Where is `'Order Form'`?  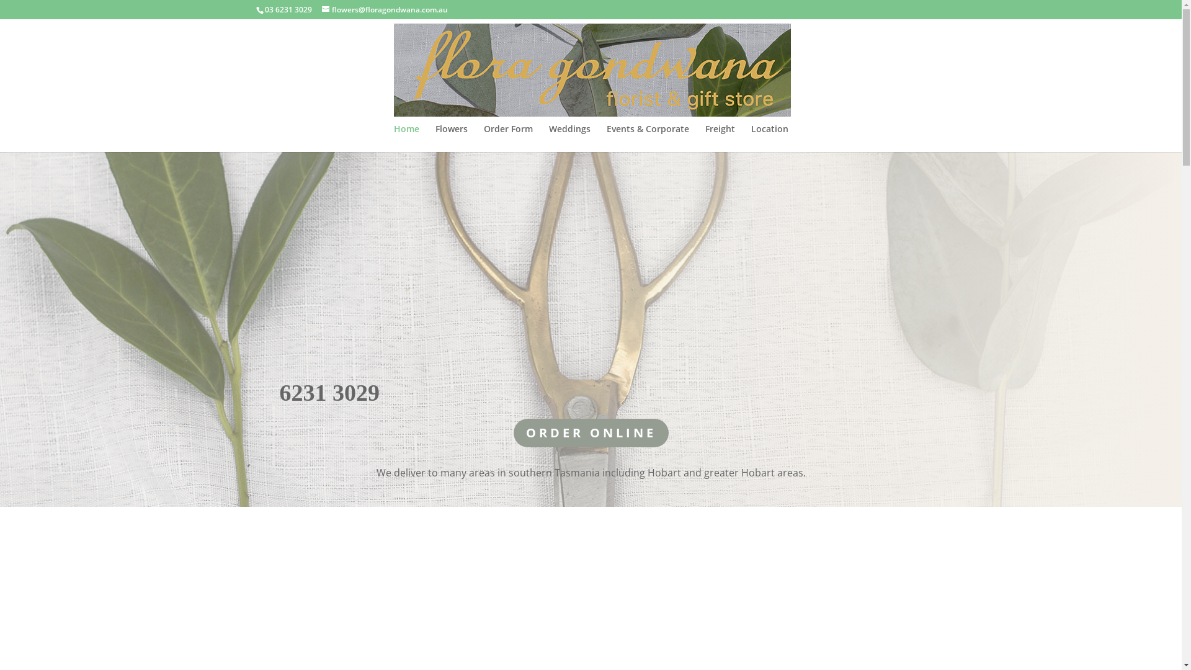
'Order Form' is located at coordinates (508, 138).